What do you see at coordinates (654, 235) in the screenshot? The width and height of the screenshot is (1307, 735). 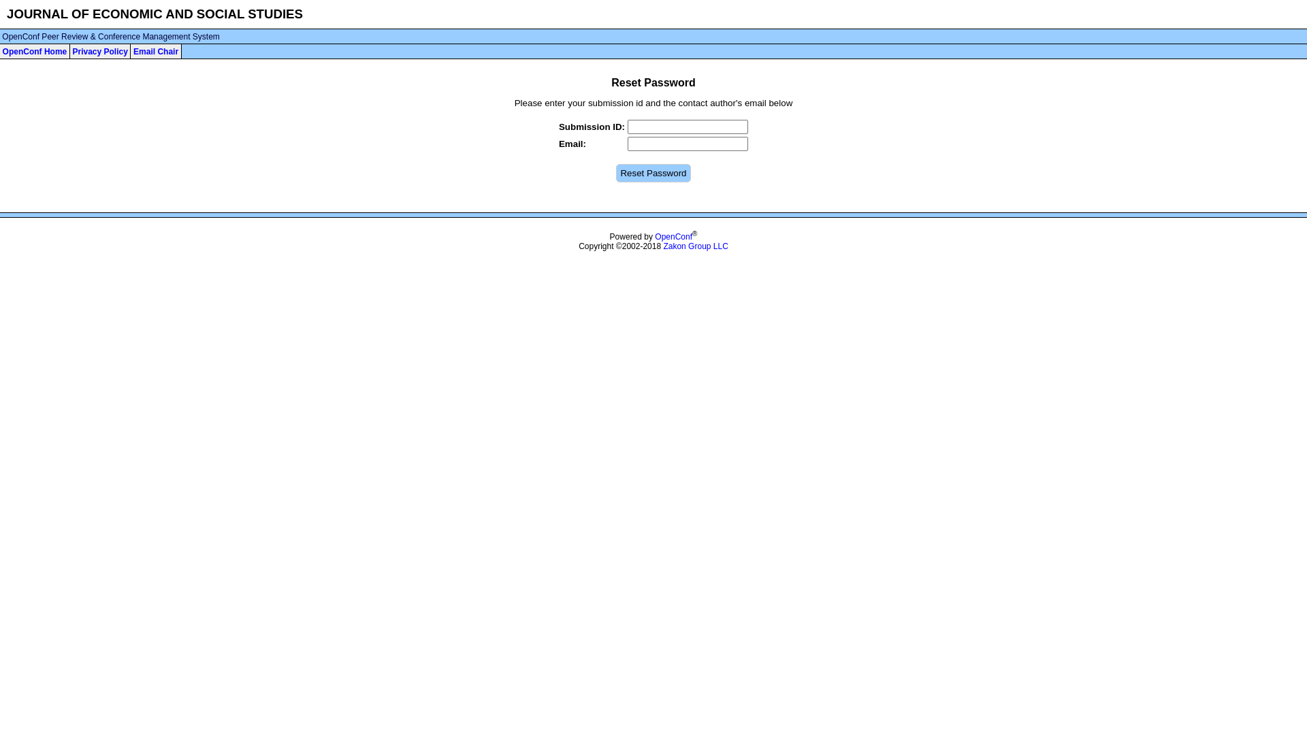 I see `'OpenConf'` at bounding box center [654, 235].